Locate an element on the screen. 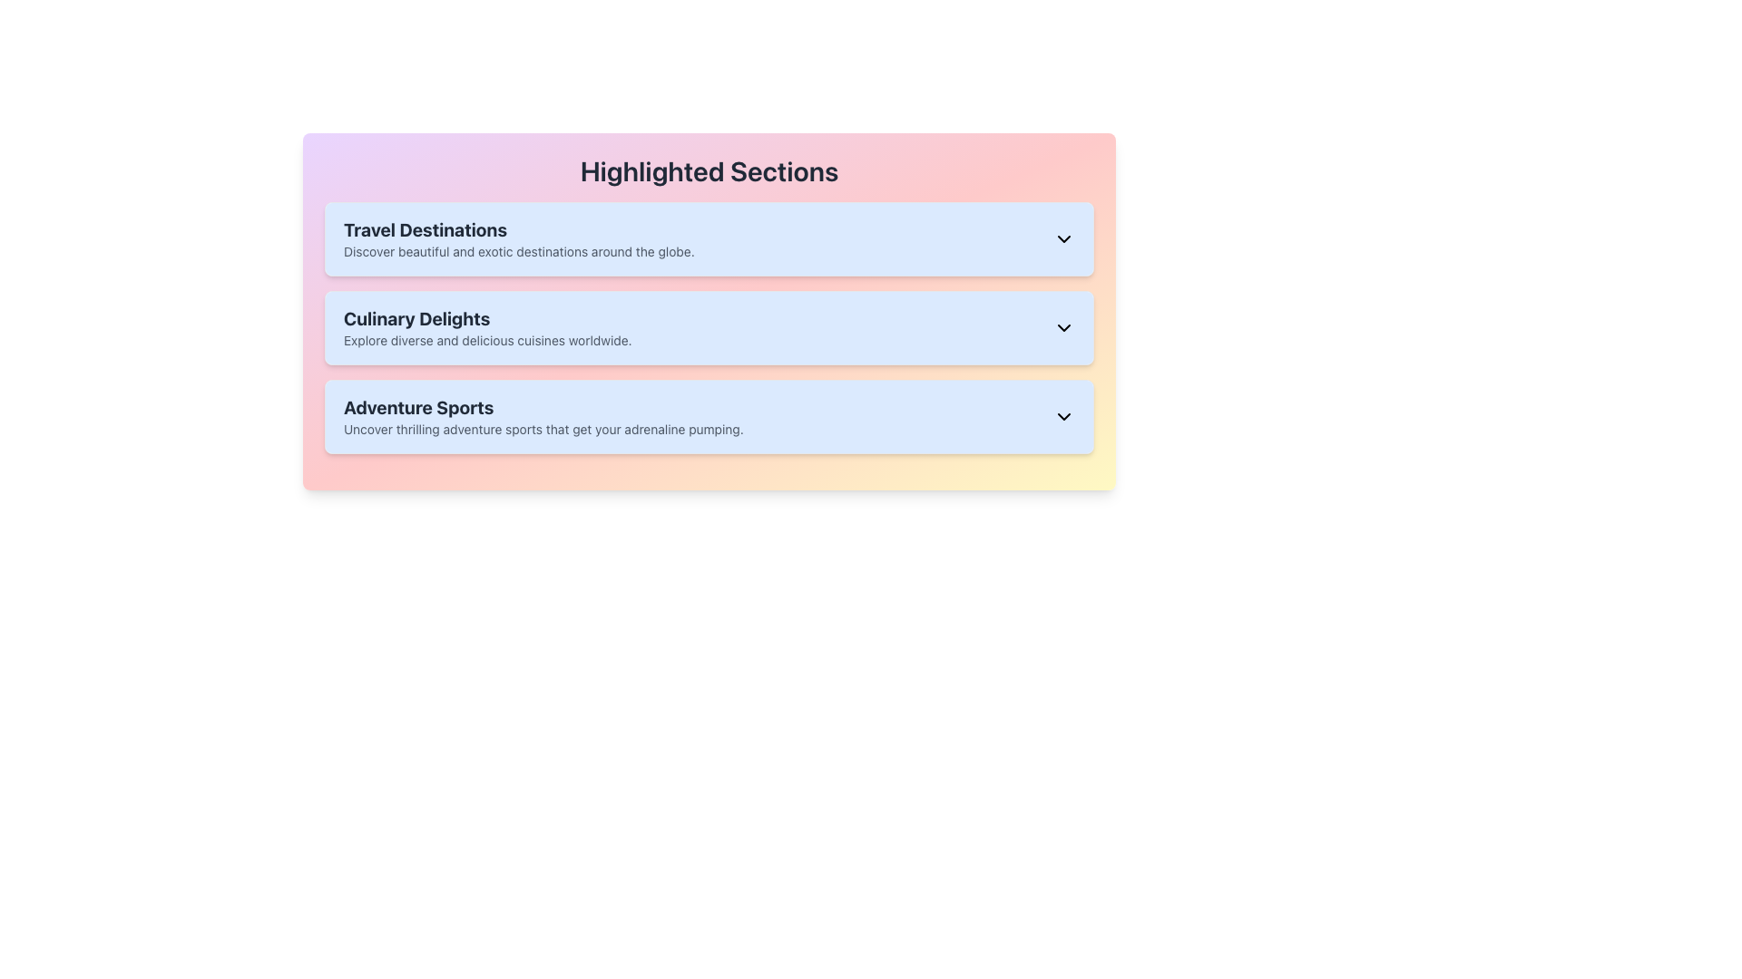 This screenshot has height=979, width=1742. the downward-facing chevron icon located at the right side of the 'Travel Destinations' blue rectangular area is located at coordinates (1063, 237).